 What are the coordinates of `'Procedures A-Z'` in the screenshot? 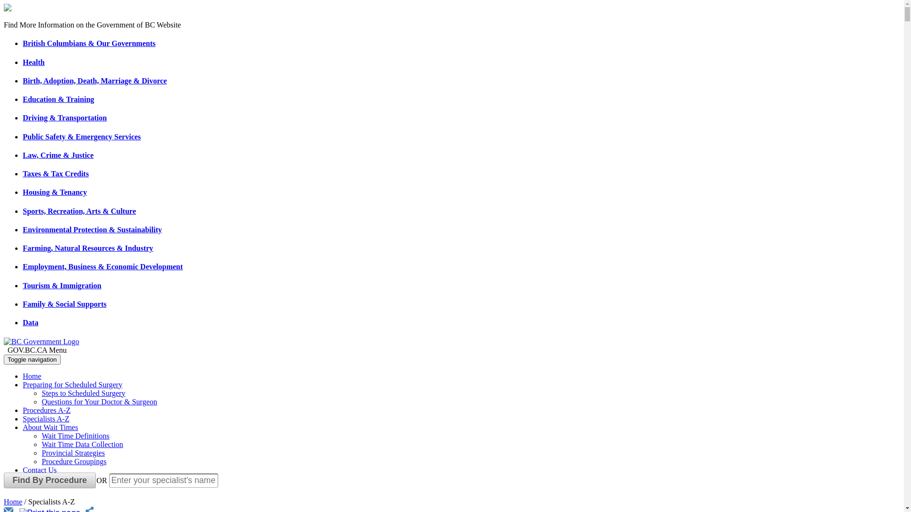 It's located at (46, 410).